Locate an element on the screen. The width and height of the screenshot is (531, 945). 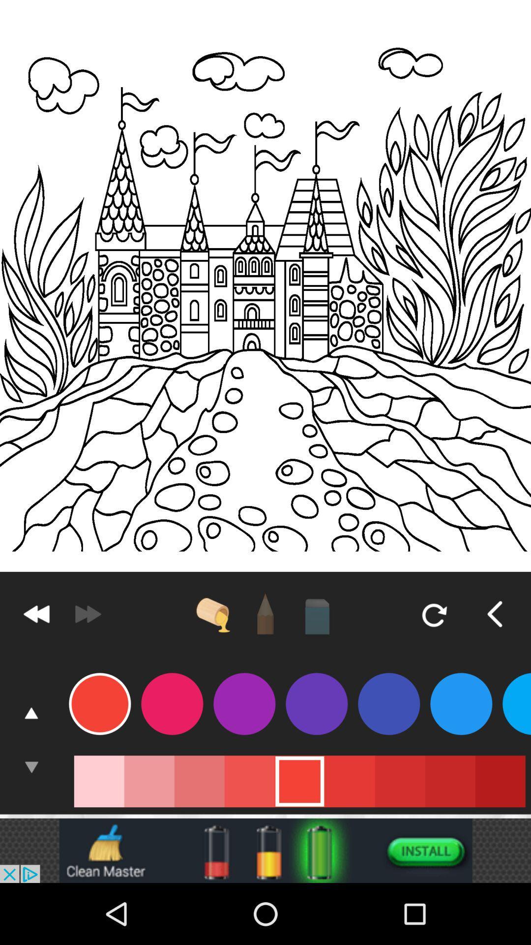
the send icon is located at coordinates (87, 657).